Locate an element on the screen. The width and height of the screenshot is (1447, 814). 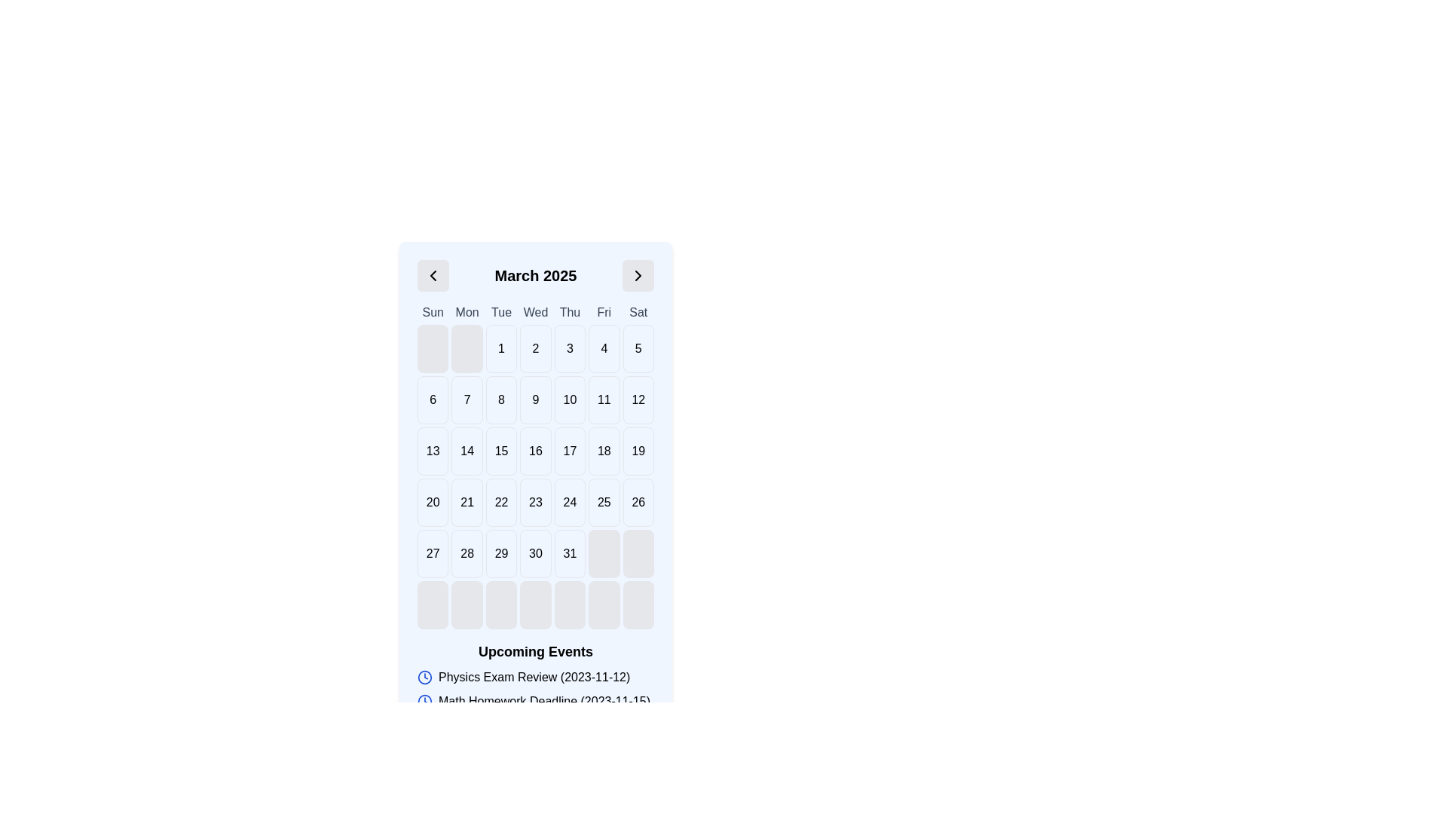
the inactive date button located in the last row of a calendar grid under the 'Fri' column is located at coordinates (569, 604).